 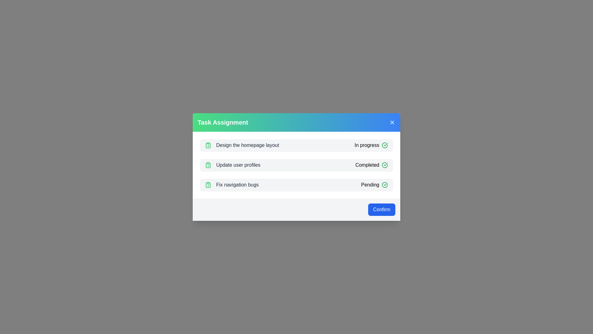 What do you see at coordinates (374, 184) in the screenshot?
I see `the green checkmark icon next to the 'Pending' label to change the task status from 'Pending' to 'Completed'` at bounding box center [374, 184].